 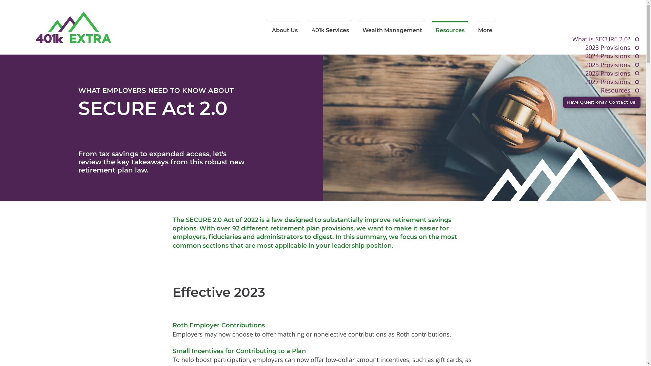 What do you see at coordinates (284, 27) in the screenshot?
I see `'About Us'` at bounding box center [284, 27].